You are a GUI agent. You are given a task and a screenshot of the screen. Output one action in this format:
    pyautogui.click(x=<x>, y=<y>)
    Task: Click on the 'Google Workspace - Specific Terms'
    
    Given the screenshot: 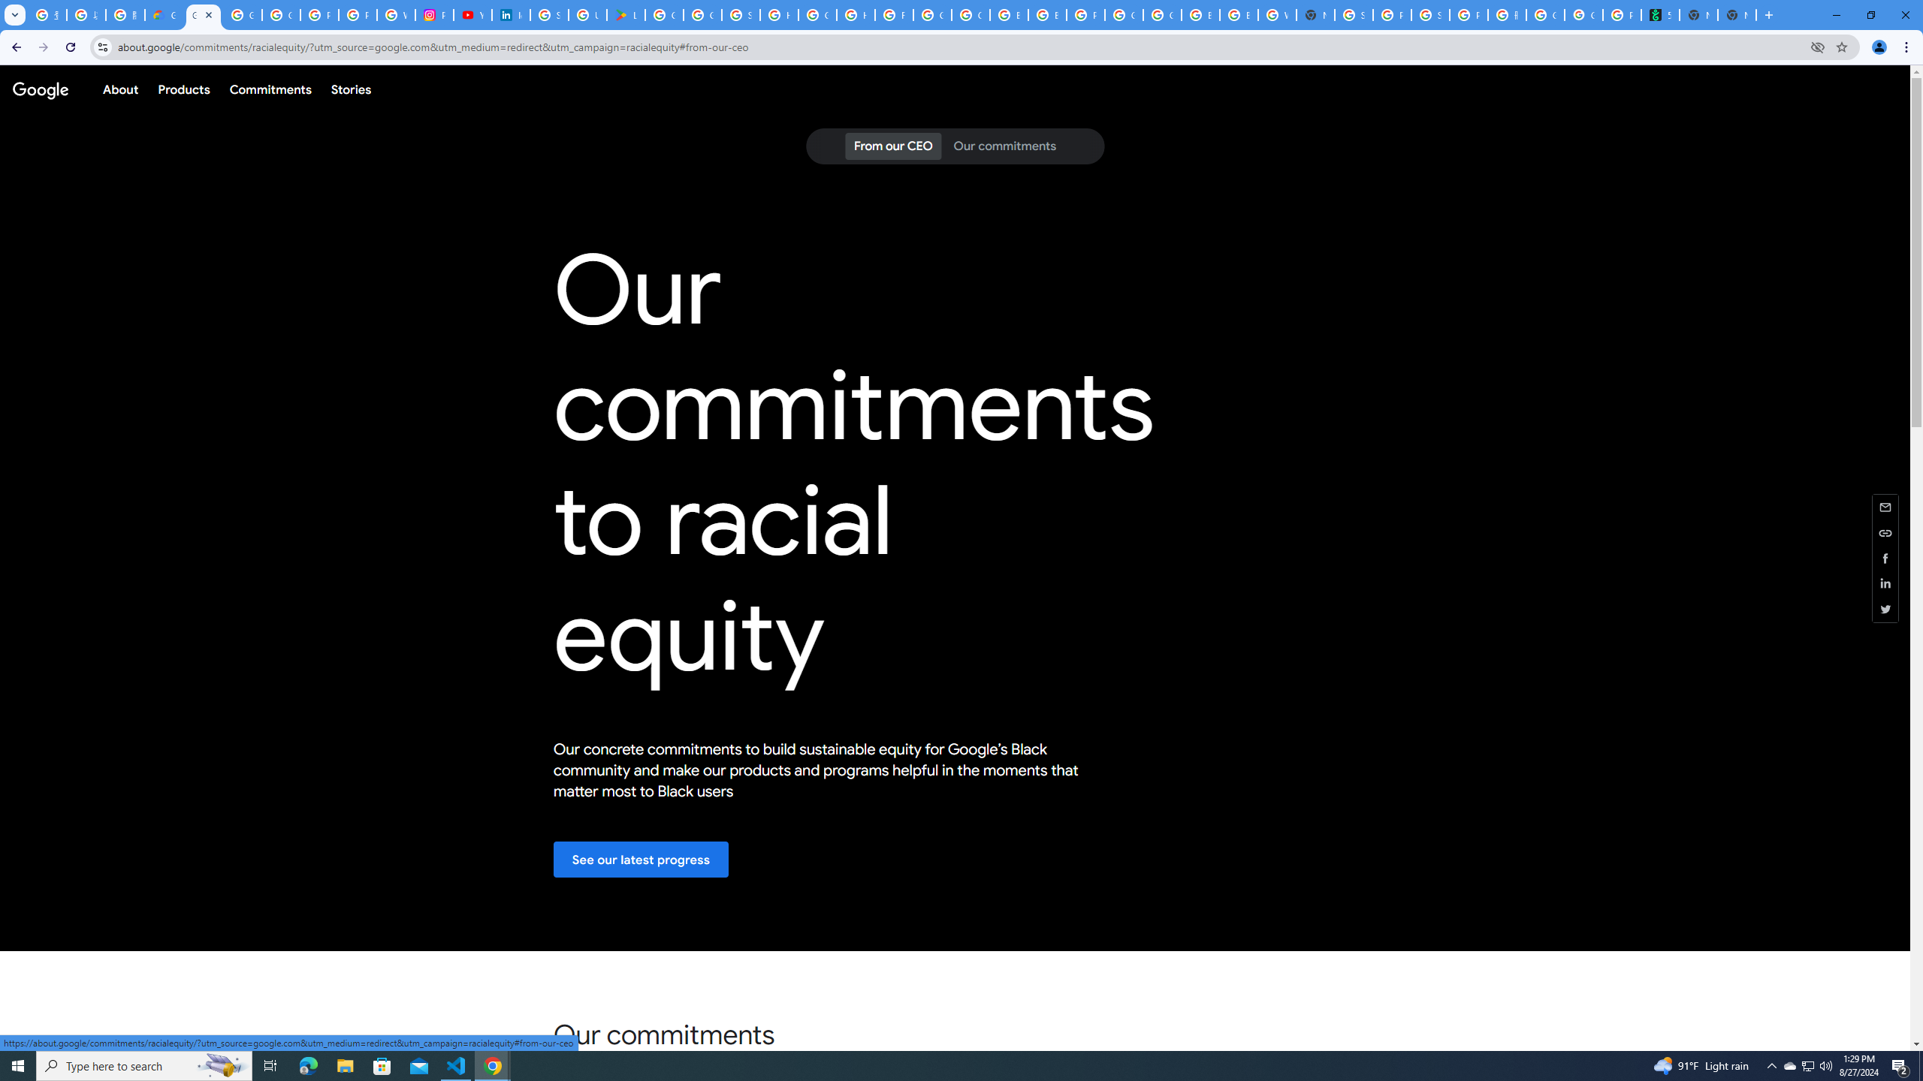 What is the action you would take?
    pyautogui.click(x=702, y=14)
    